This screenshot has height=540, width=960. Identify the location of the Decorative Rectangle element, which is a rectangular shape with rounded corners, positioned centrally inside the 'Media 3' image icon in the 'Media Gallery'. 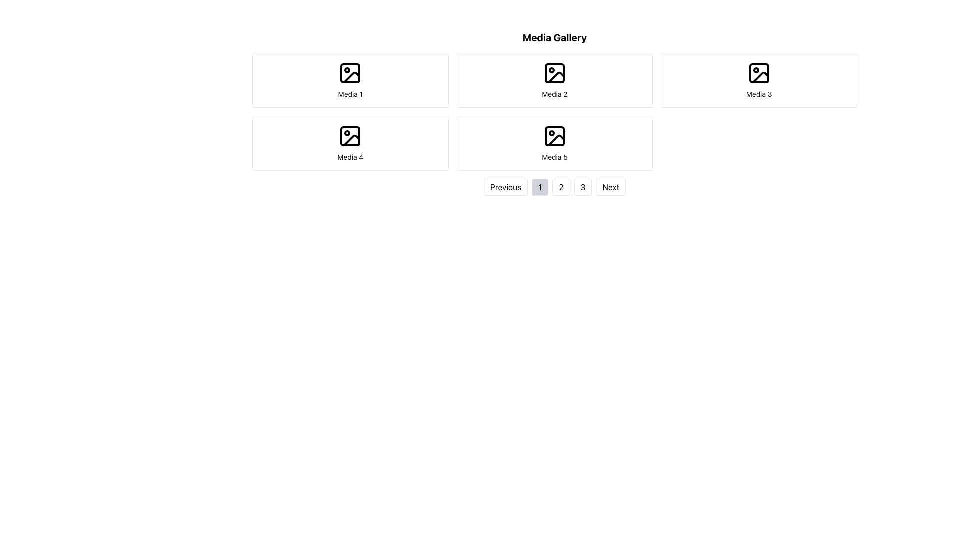
(759, 72).